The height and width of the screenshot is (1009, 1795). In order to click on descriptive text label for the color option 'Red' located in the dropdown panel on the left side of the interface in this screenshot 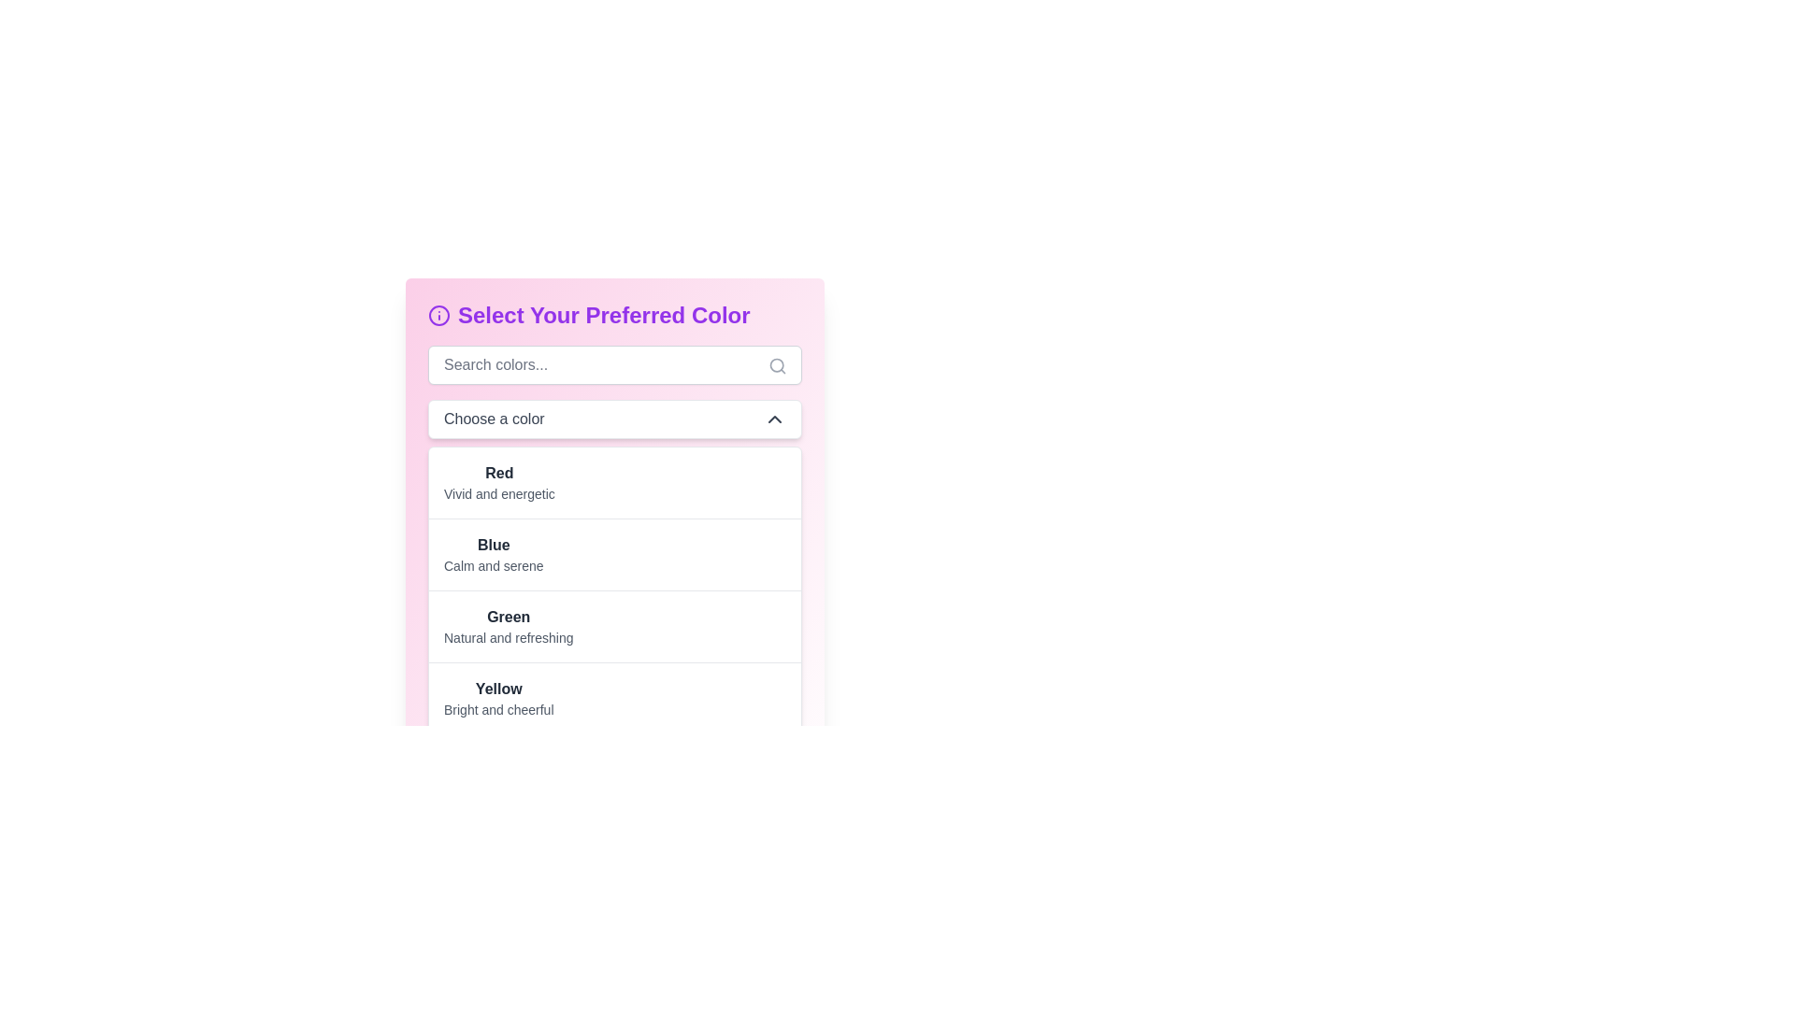, I will do `click(499, 492)`.